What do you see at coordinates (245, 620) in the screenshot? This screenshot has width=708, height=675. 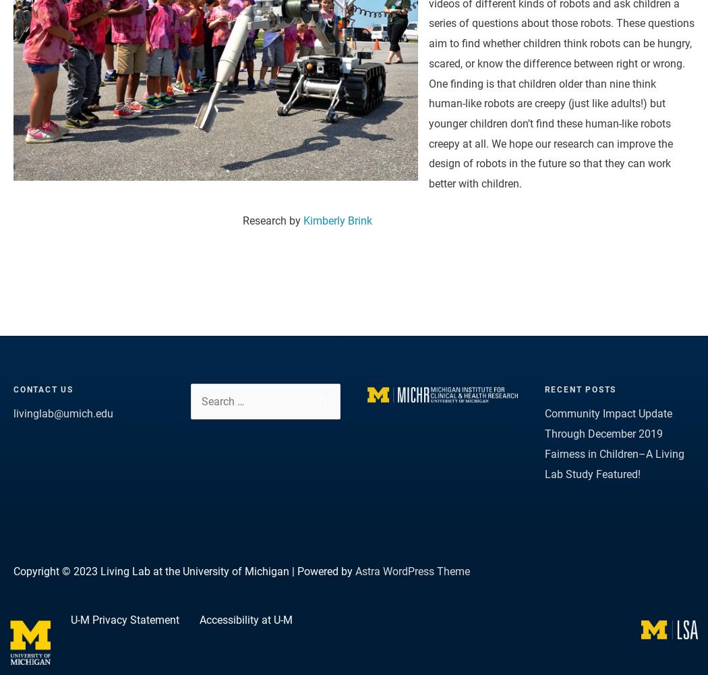 I see `'Accessibility at U-M'` at bounding box center [245, 620].